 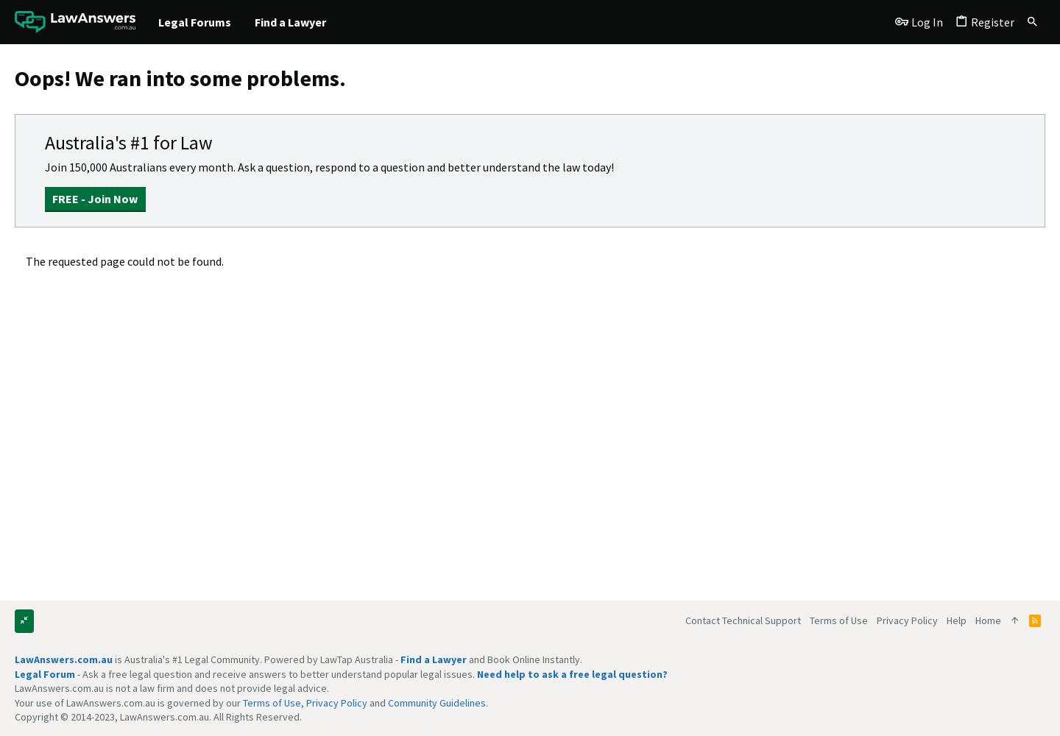 I want to click on 'LawAnswers.com.au is not a law firm and does not provide legal advice.', so click(x=172, y=688).